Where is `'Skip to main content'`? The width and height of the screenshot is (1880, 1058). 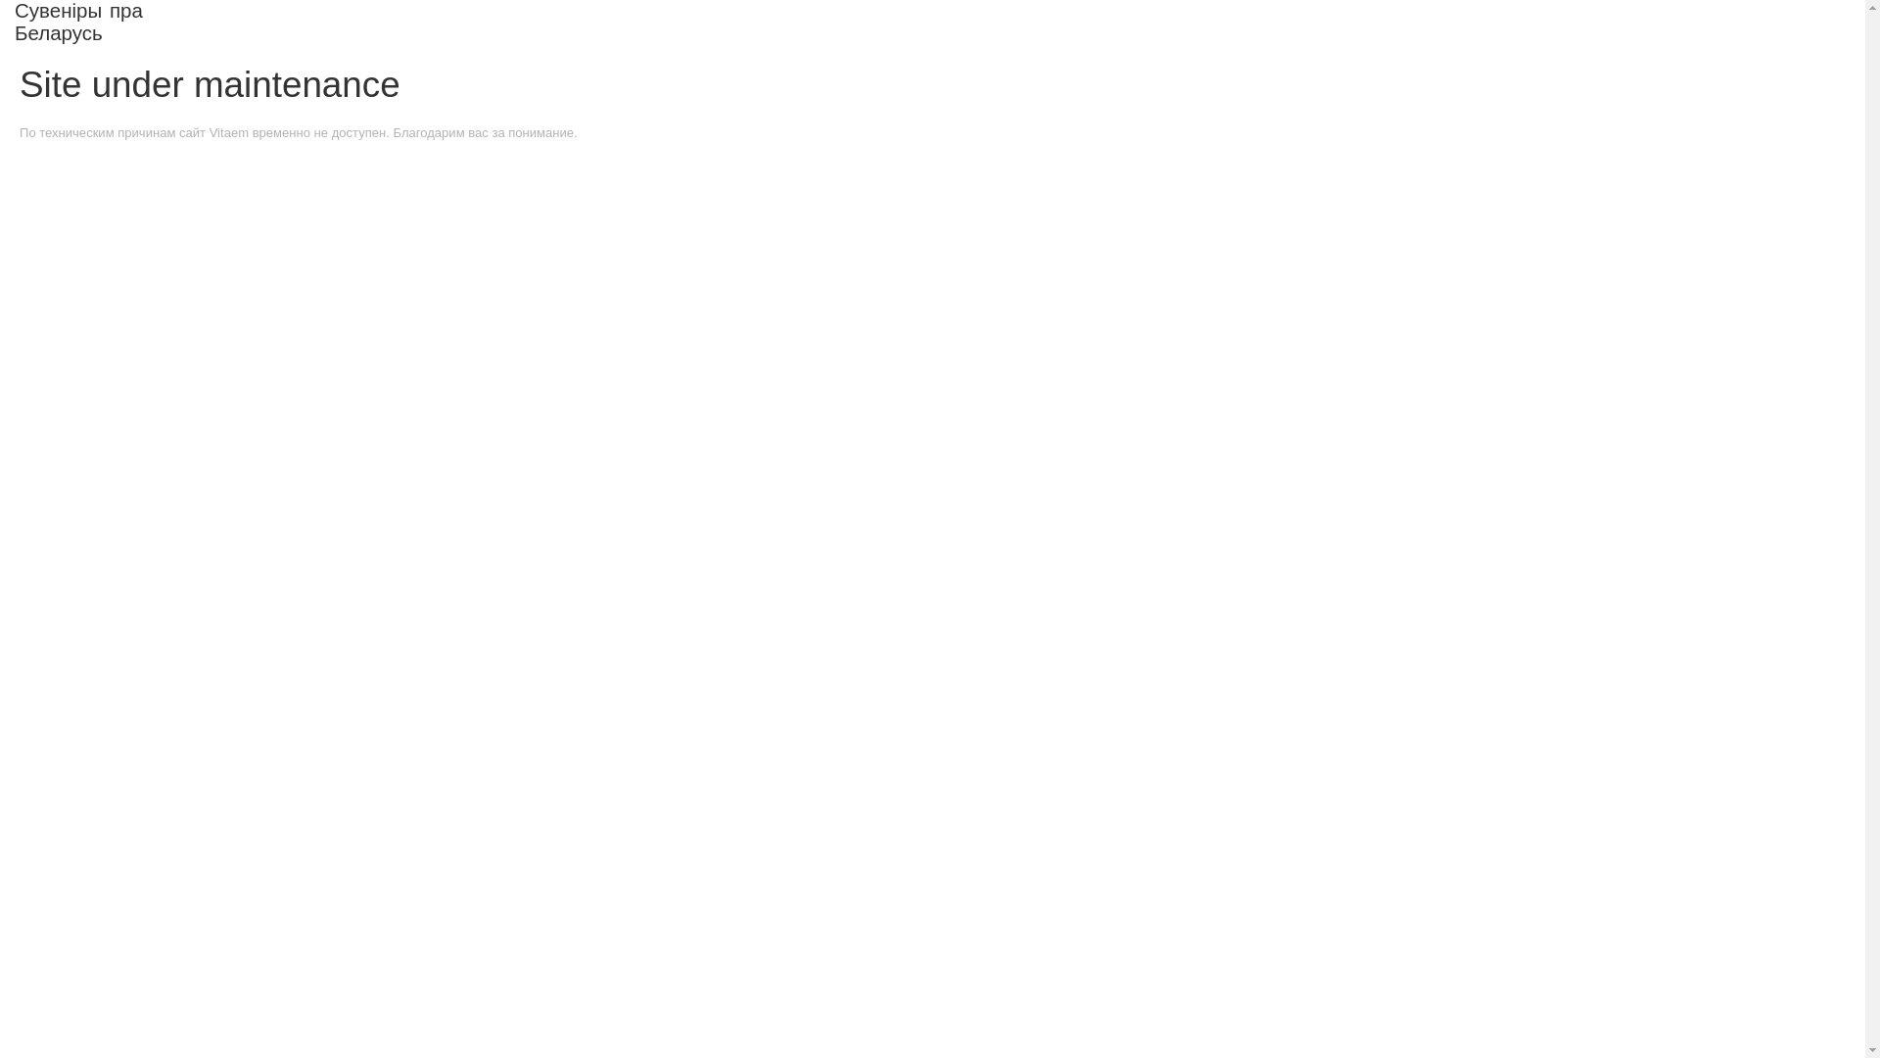 'Skip to main content' is located at coordinates (872, 2).